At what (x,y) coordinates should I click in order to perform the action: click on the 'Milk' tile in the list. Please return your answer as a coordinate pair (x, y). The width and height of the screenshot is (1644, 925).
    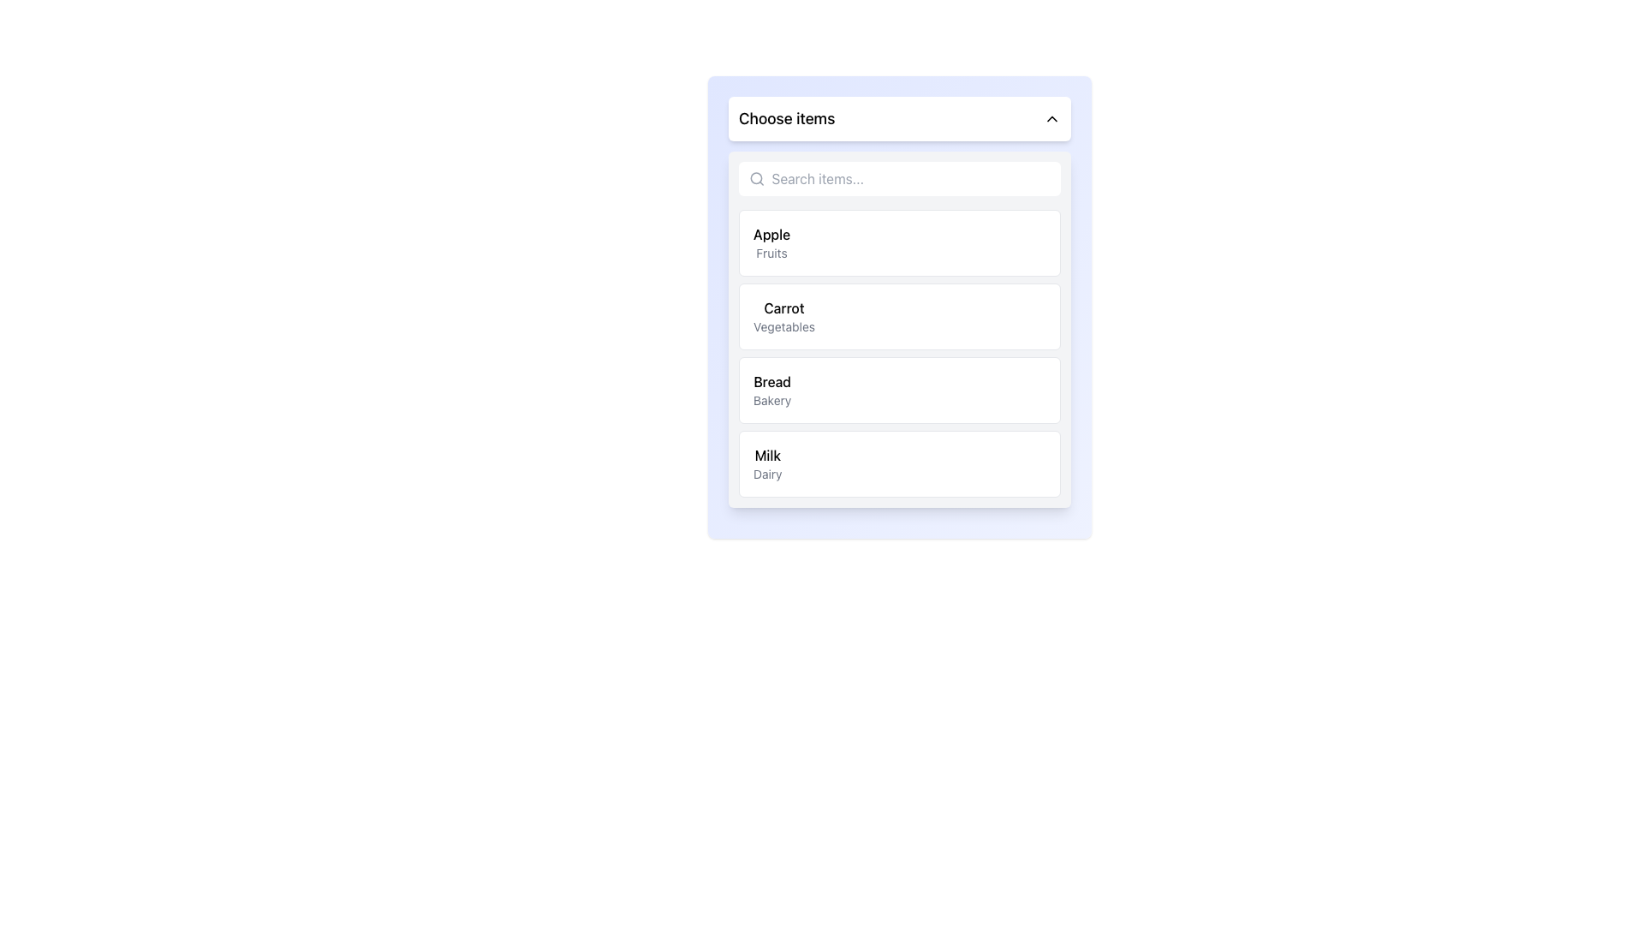
    Looking at the image, I should click on (899, 464).